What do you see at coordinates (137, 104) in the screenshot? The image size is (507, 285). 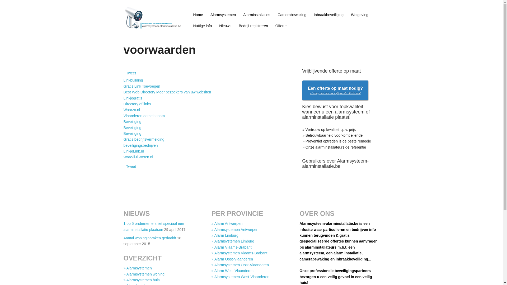 I see `'Directory of links'` at bounding box center [137, 104].